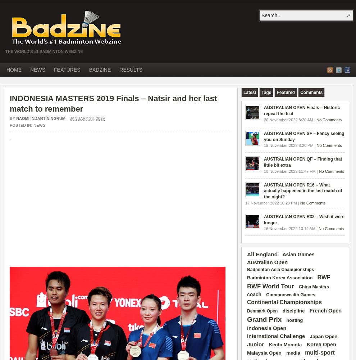 Image resolution: width=356 pixels, height=360 pixels. I want to click on 'Indonesia Open', so click(266, 328).